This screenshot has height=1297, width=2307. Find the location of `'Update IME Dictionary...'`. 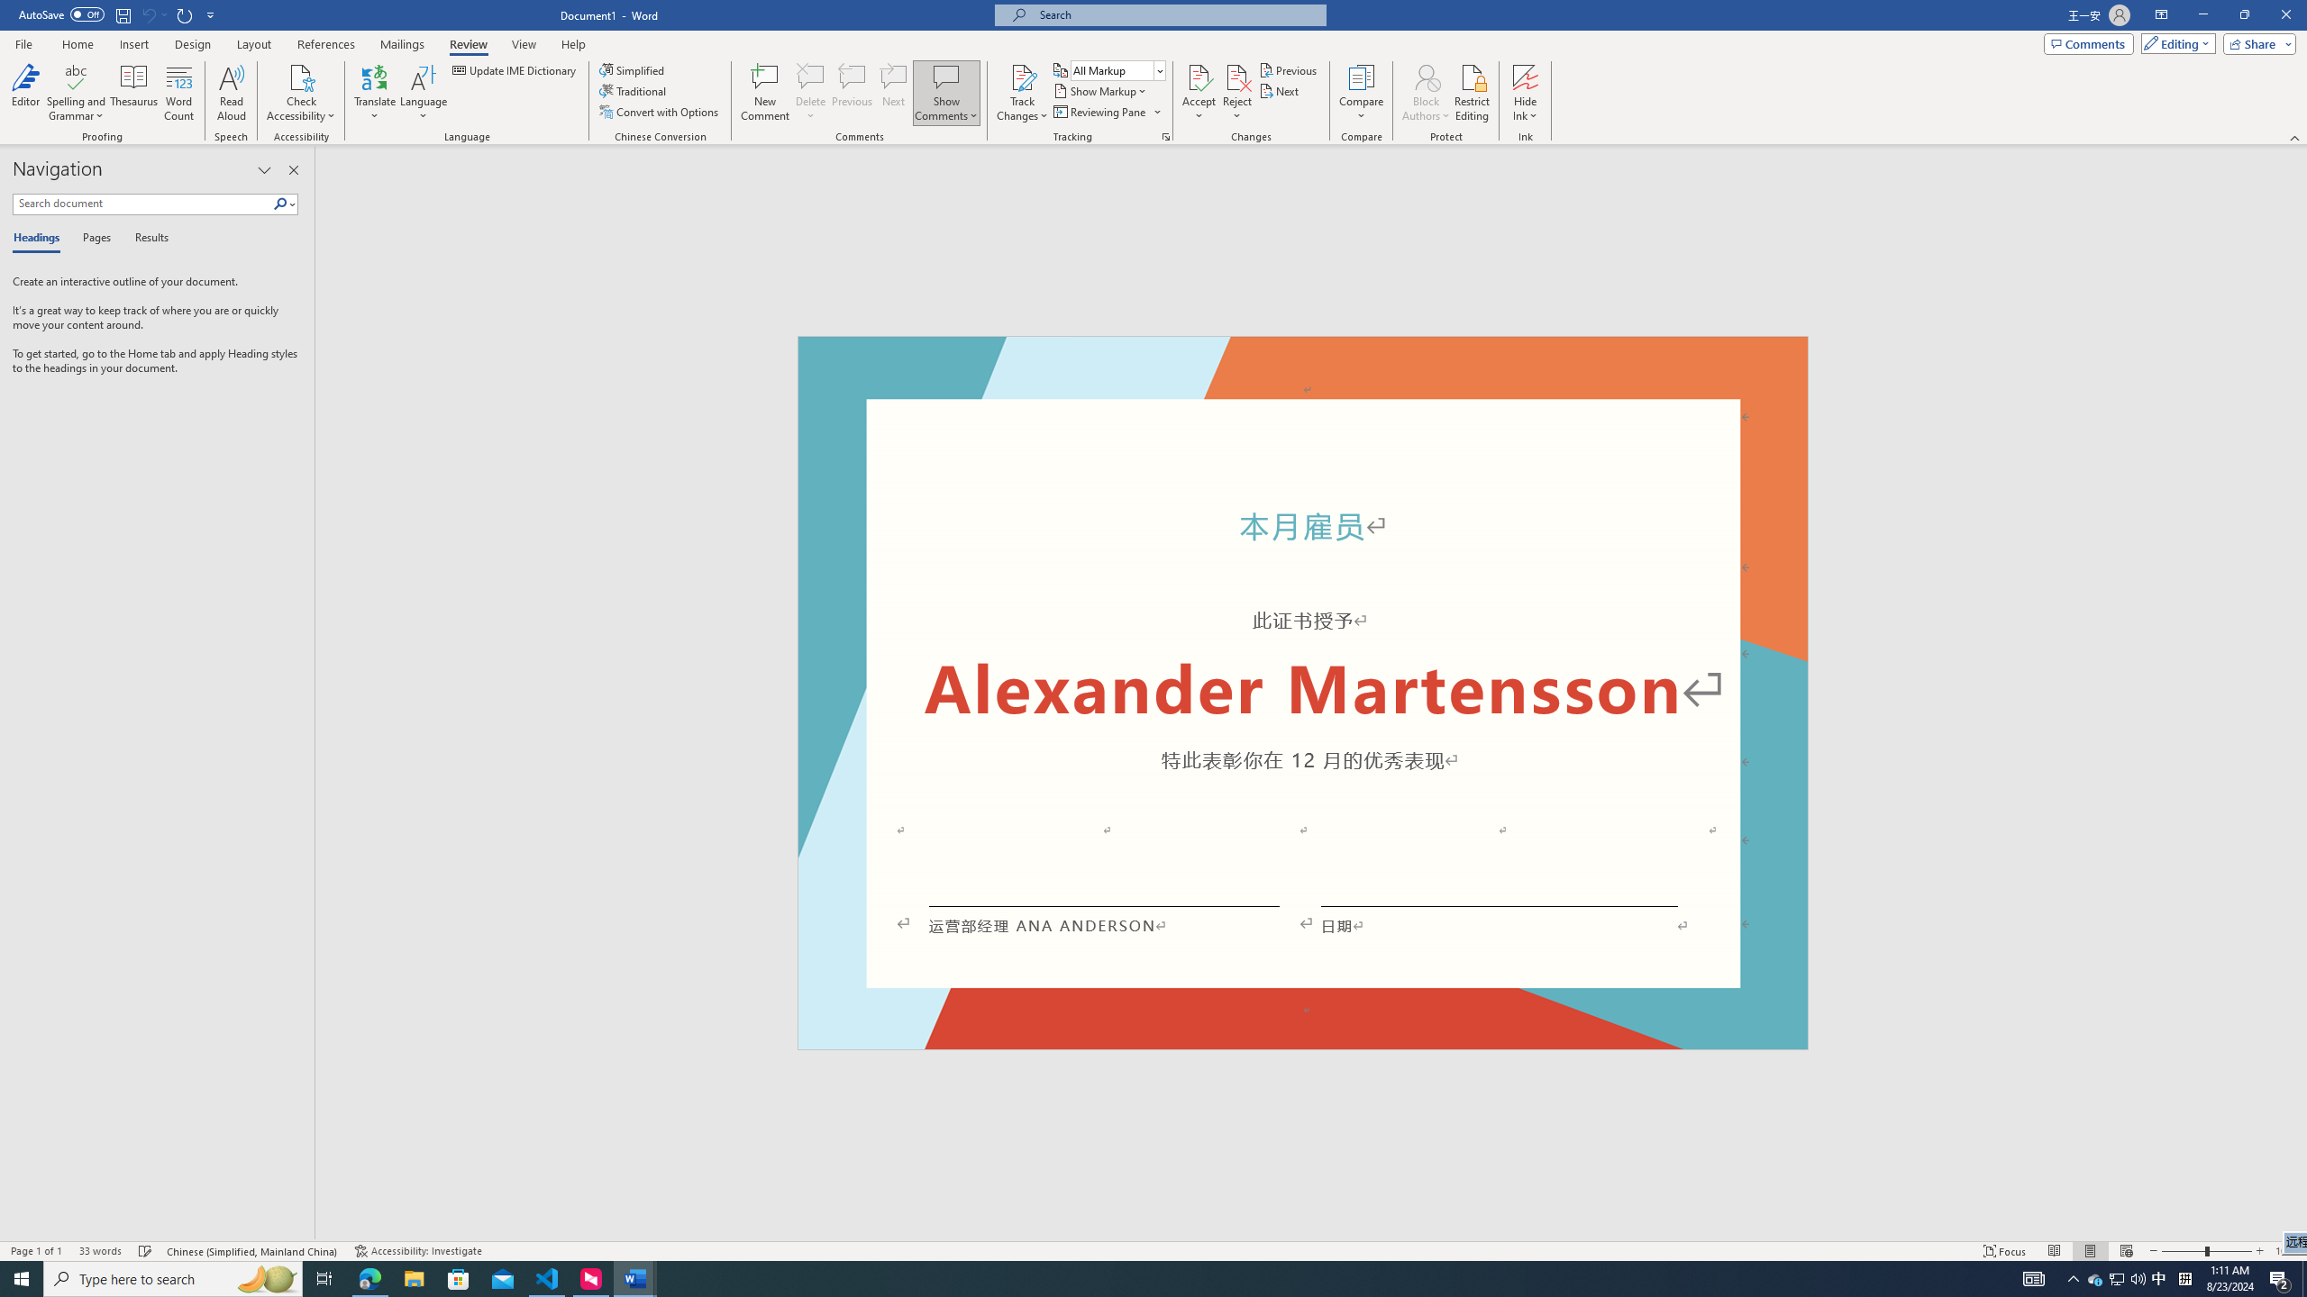

'Update IME Dictionary...' is located at coordinates (515, 69).